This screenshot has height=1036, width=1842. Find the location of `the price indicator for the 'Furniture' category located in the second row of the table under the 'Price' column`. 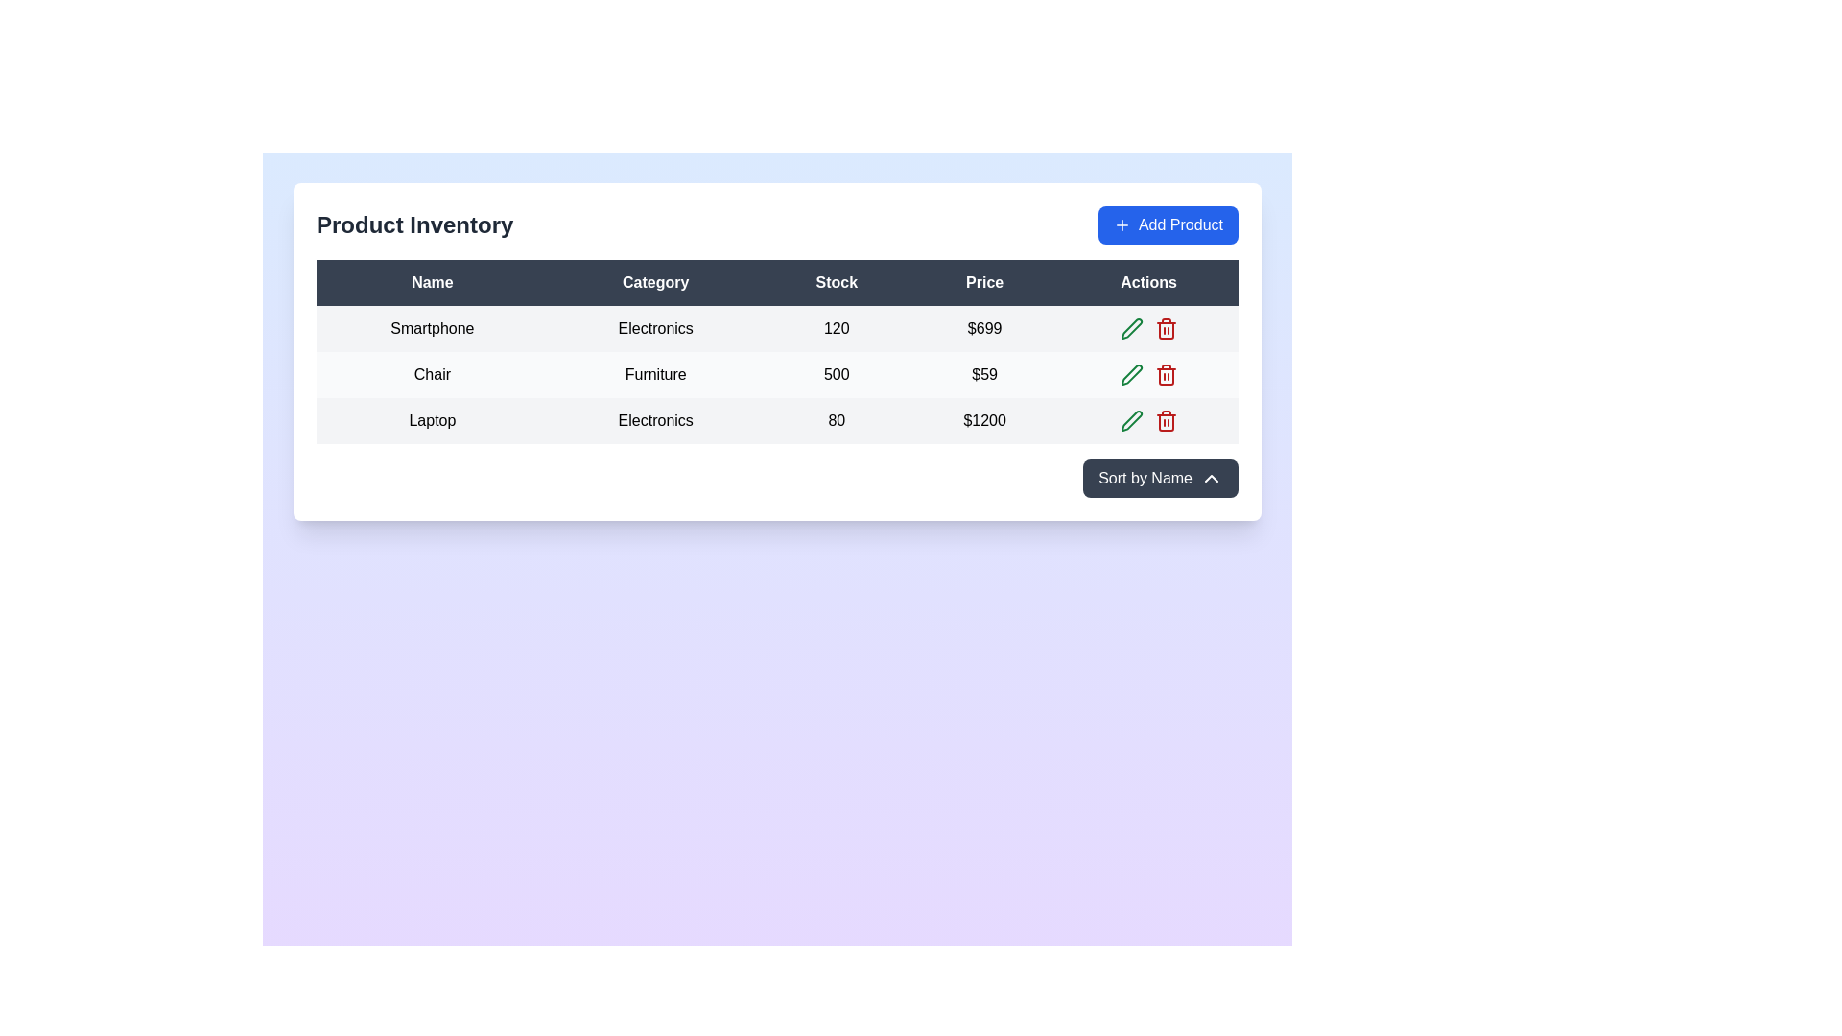

the price indicator for the 'Furniture' category located in the second row of the table under the 'Price' column is located at coordinates (984, 374).